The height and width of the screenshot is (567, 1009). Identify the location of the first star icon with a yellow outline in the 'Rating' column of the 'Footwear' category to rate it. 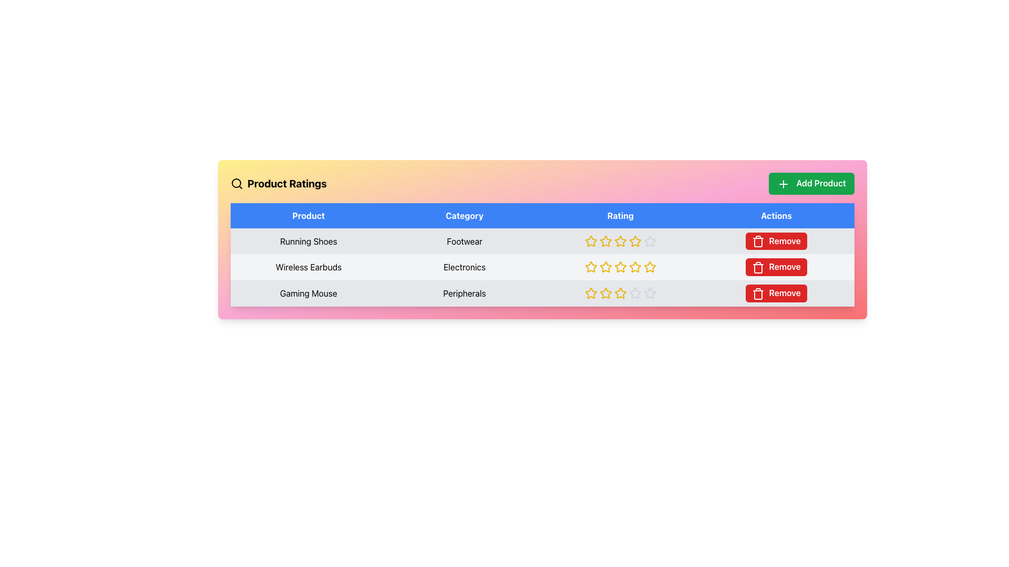
(591, 241).